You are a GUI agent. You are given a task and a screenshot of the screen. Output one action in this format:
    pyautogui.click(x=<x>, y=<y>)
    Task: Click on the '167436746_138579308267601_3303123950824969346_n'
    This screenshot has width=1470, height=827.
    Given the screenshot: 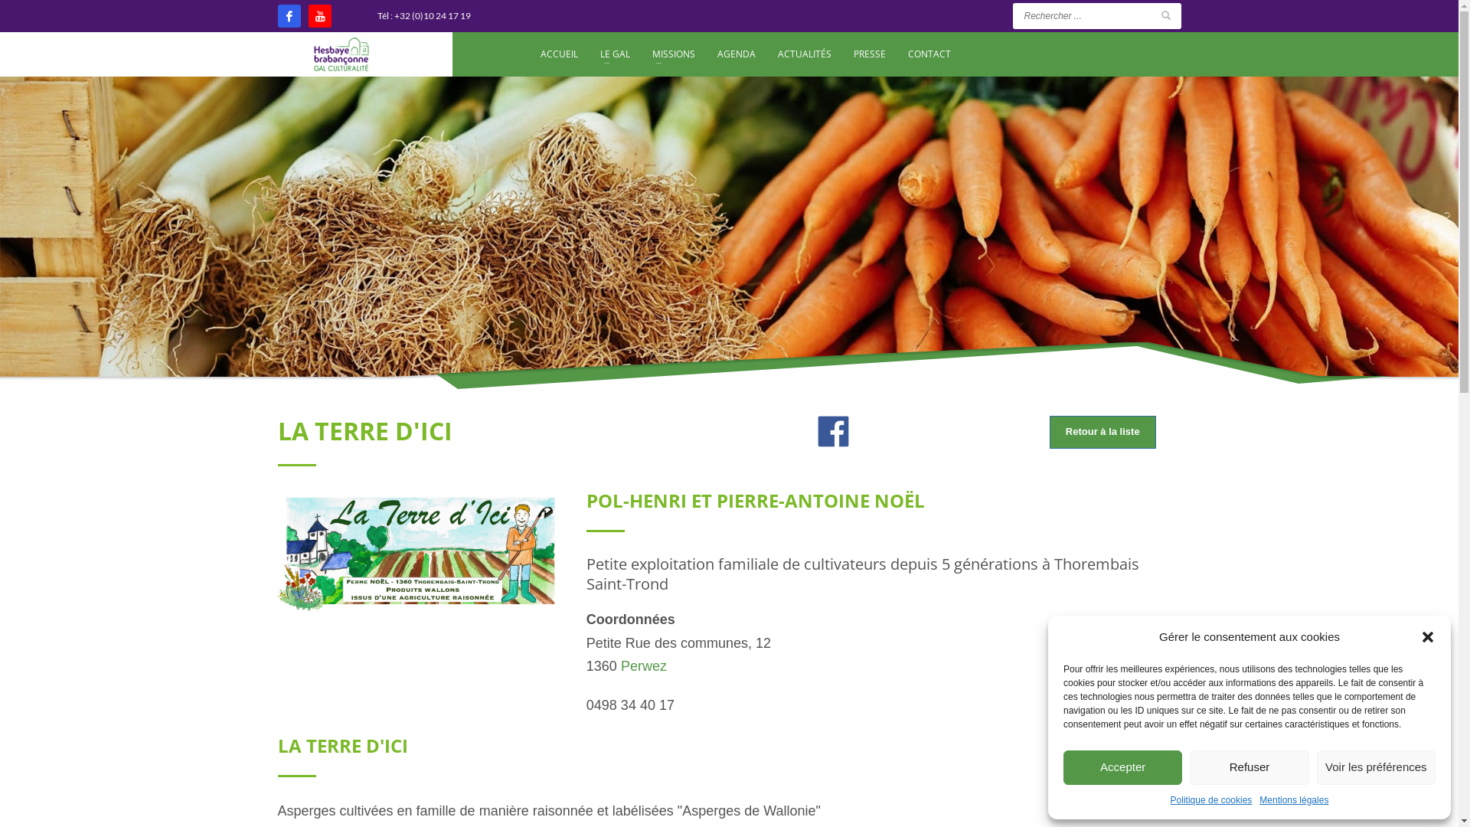 What is the action you would take?
    pyautogui.click(x=420, y=551)
    